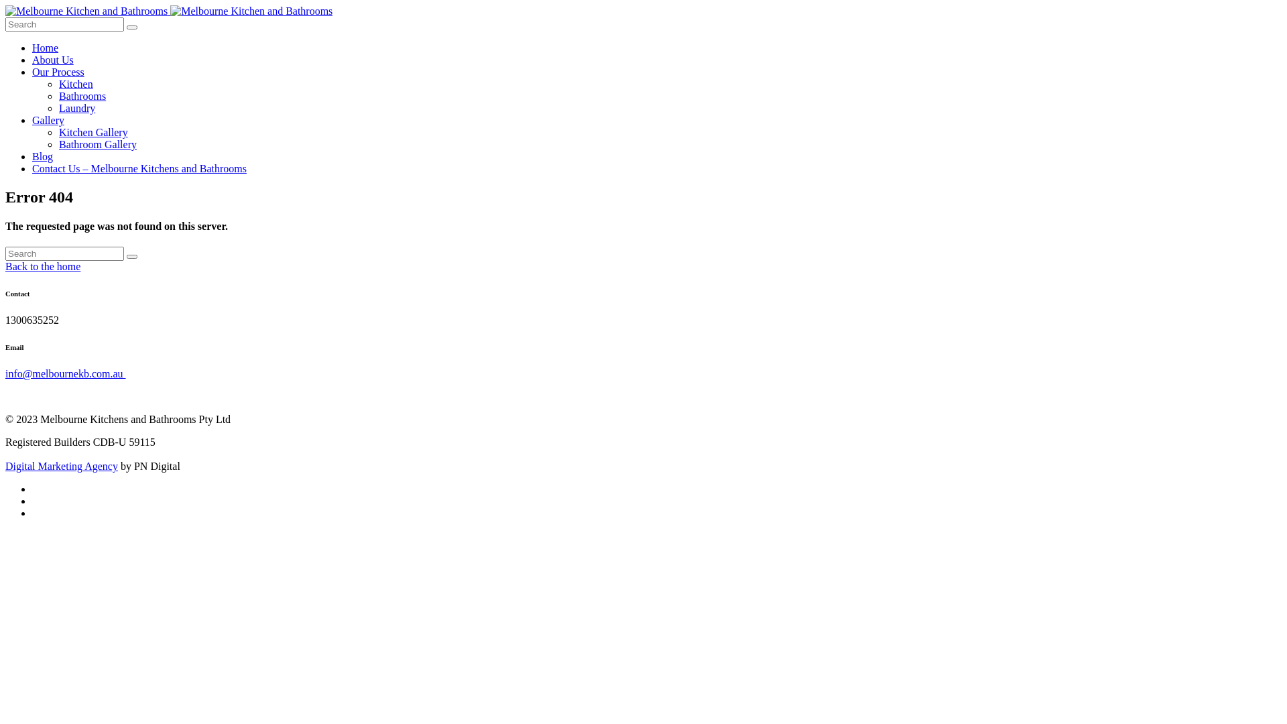 The width and height of the screenshot is (1287, 724). Describe the element at coordinates (32, 47) in the screenshot. I see `'Home'` at that location.